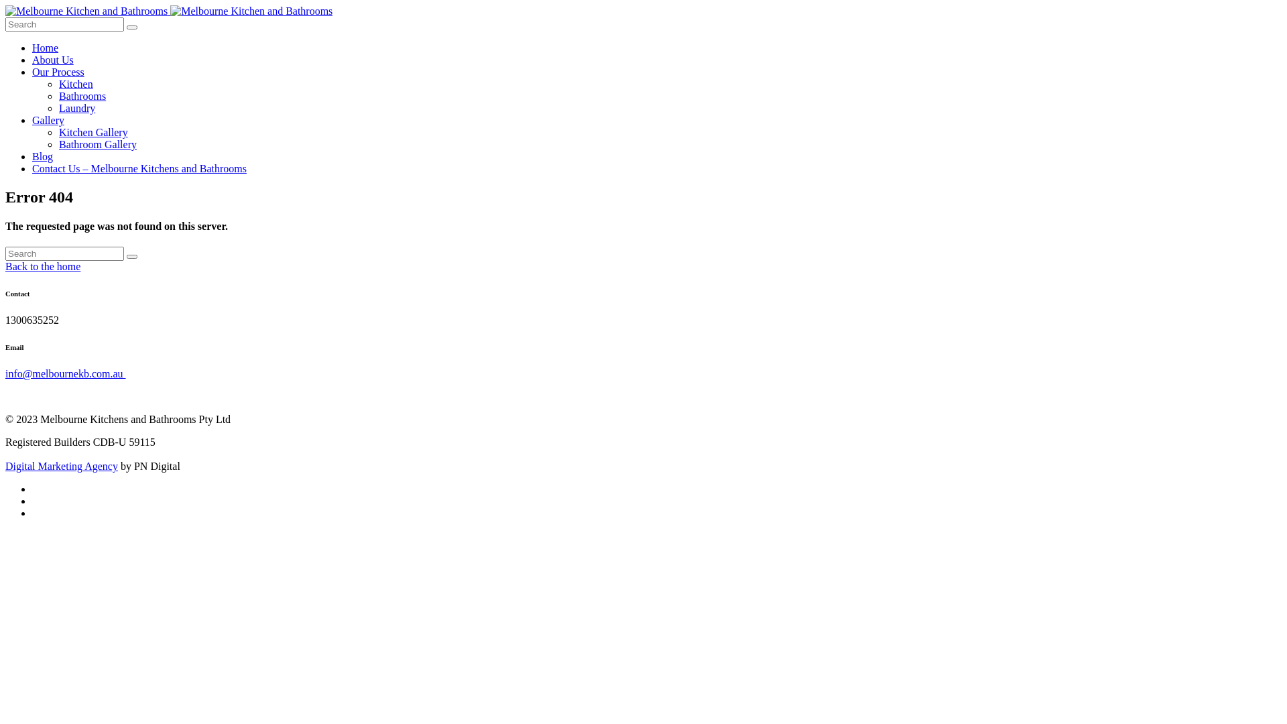 The width and height of the screenshot is (1287, 724). Describe the element at coordinates (32, 47) in the screenshot. I see `'Home'` at that location.